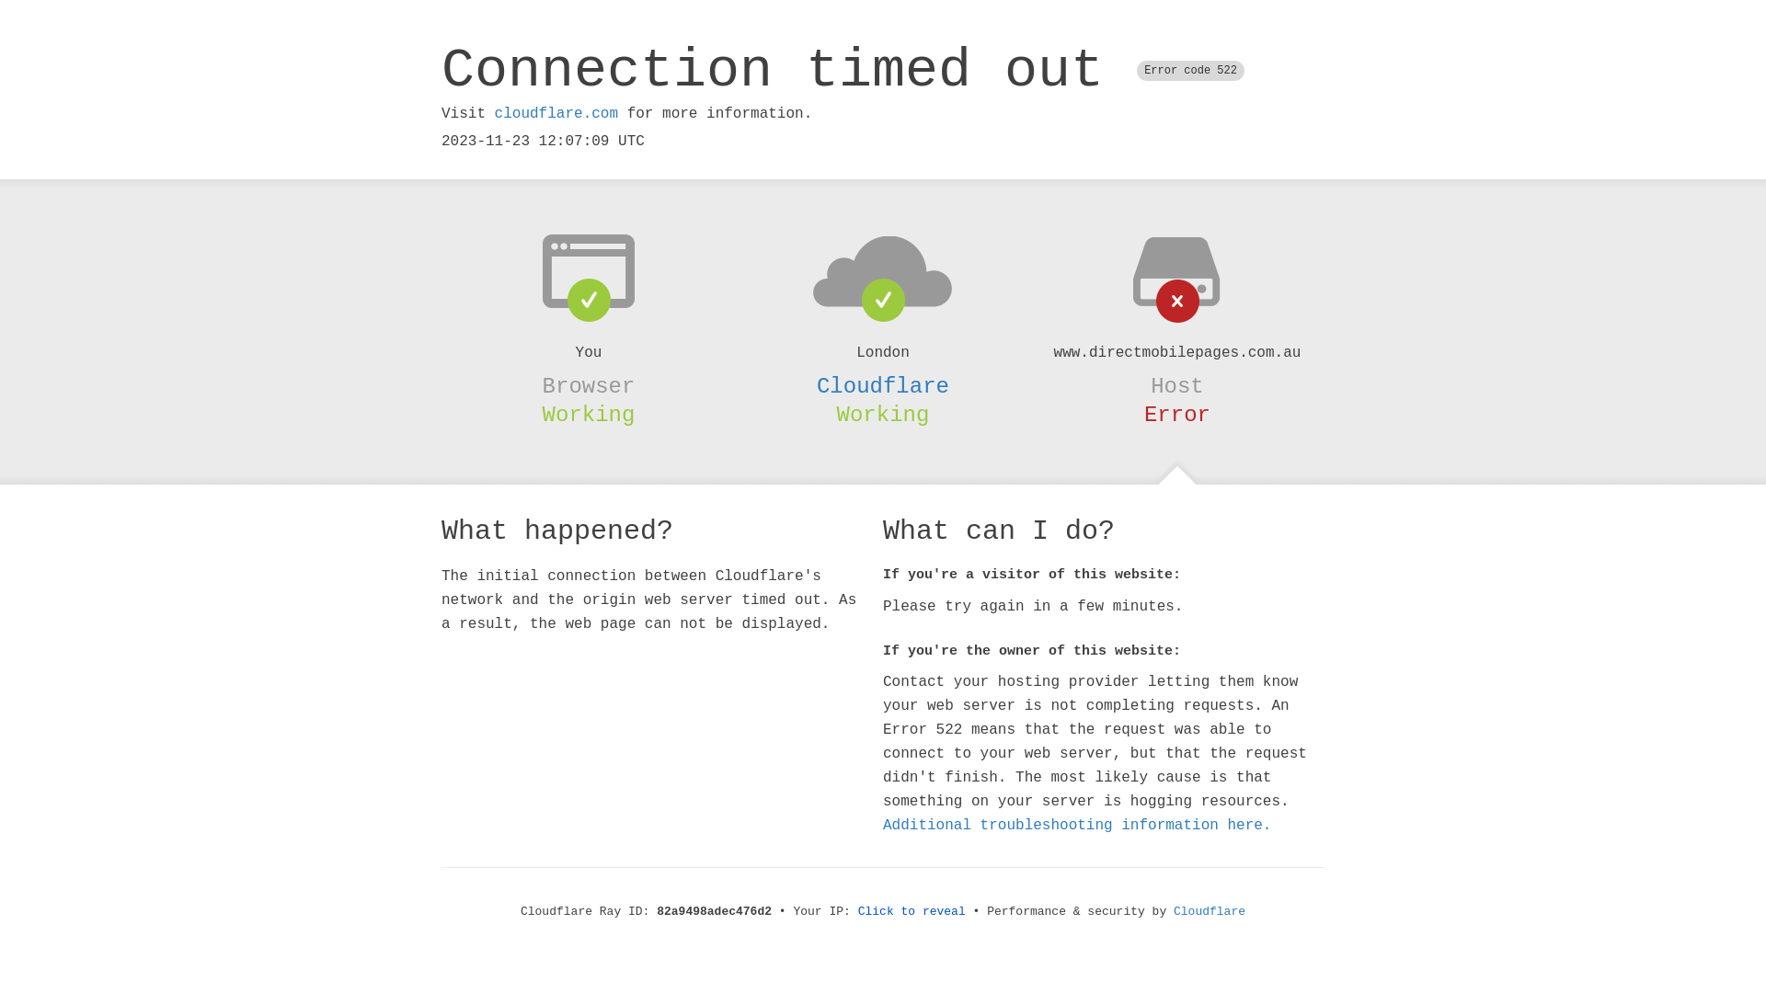 The width and height of the screenshot is (1766, 993). What do you see at coordinates (555, 113) in the screenshot?
I see `'cloudflare.com'` at bounding box center [555, 113].